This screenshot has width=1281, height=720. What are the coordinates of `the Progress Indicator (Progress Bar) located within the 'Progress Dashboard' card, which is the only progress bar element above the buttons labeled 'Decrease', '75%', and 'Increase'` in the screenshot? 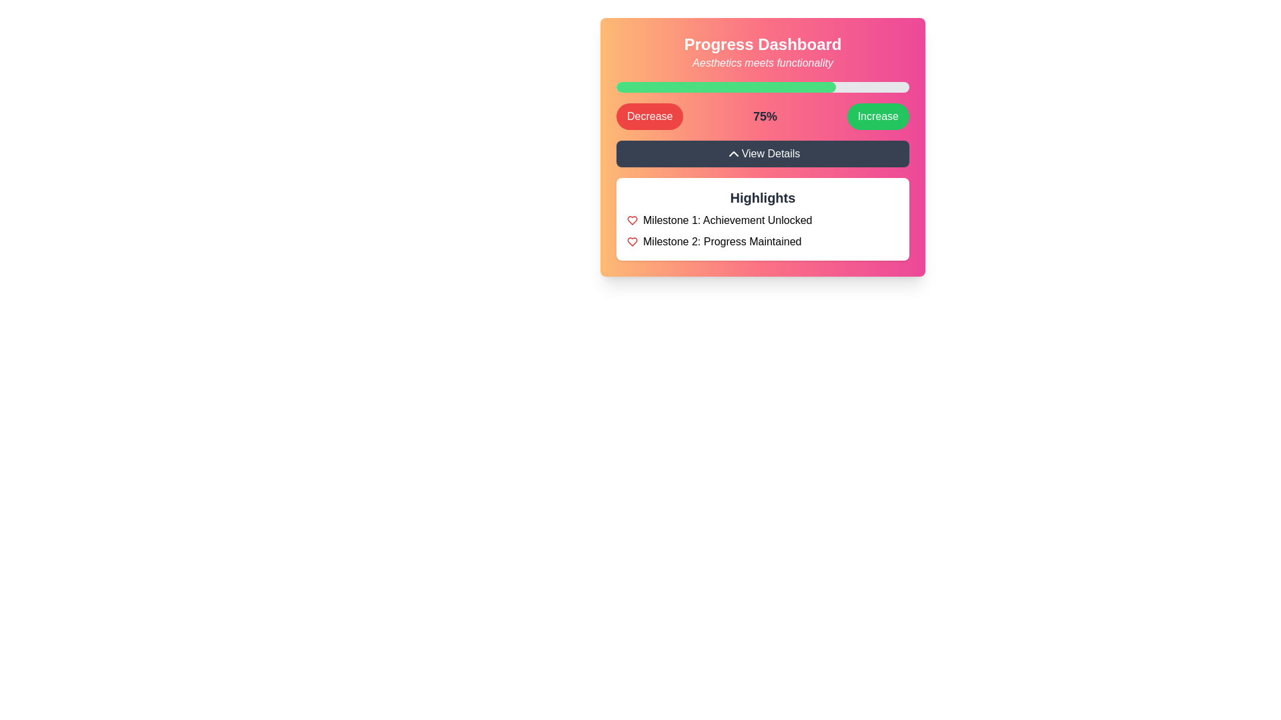 It's located at (763, 87).